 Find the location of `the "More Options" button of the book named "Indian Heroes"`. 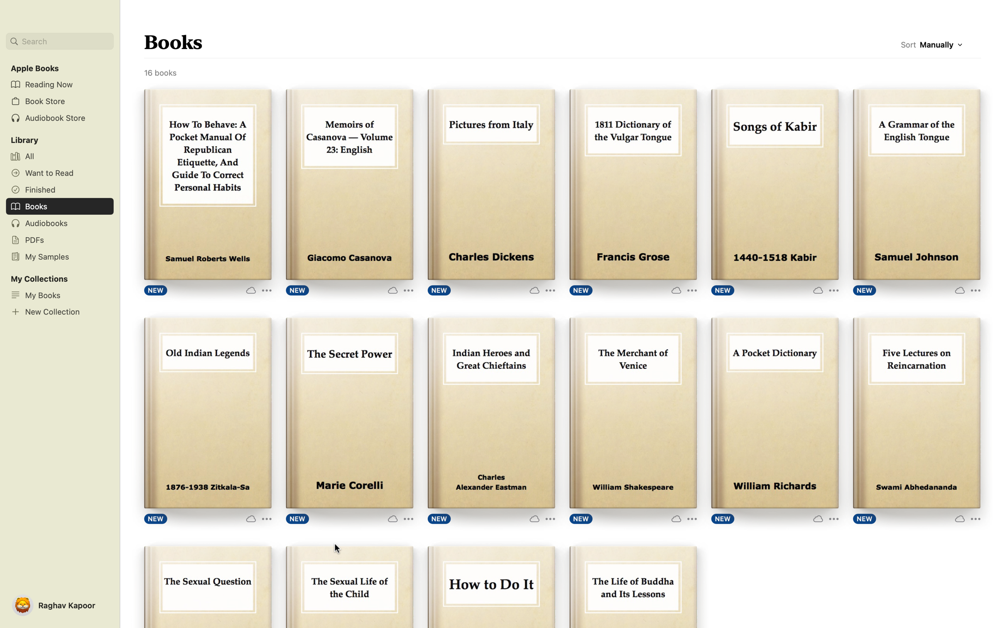

the "More Options" button of the book named "Indian Heroes" is located at coordinates (541, 518).